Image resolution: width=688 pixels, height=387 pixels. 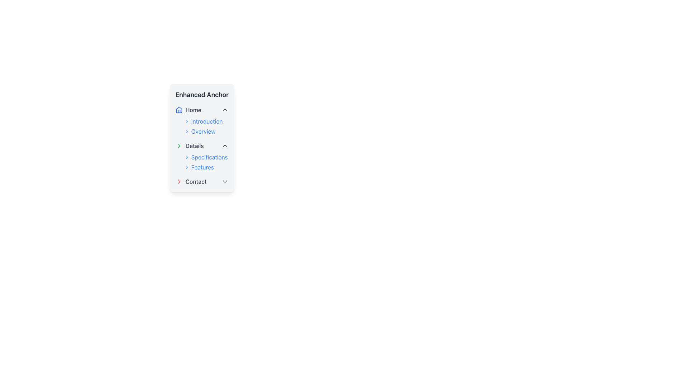 What do you see at coordinates (179, 145) in the screenshot?
I see `the toggle icon located to the left of the 'Details' text` at bounding box center [179, 145].